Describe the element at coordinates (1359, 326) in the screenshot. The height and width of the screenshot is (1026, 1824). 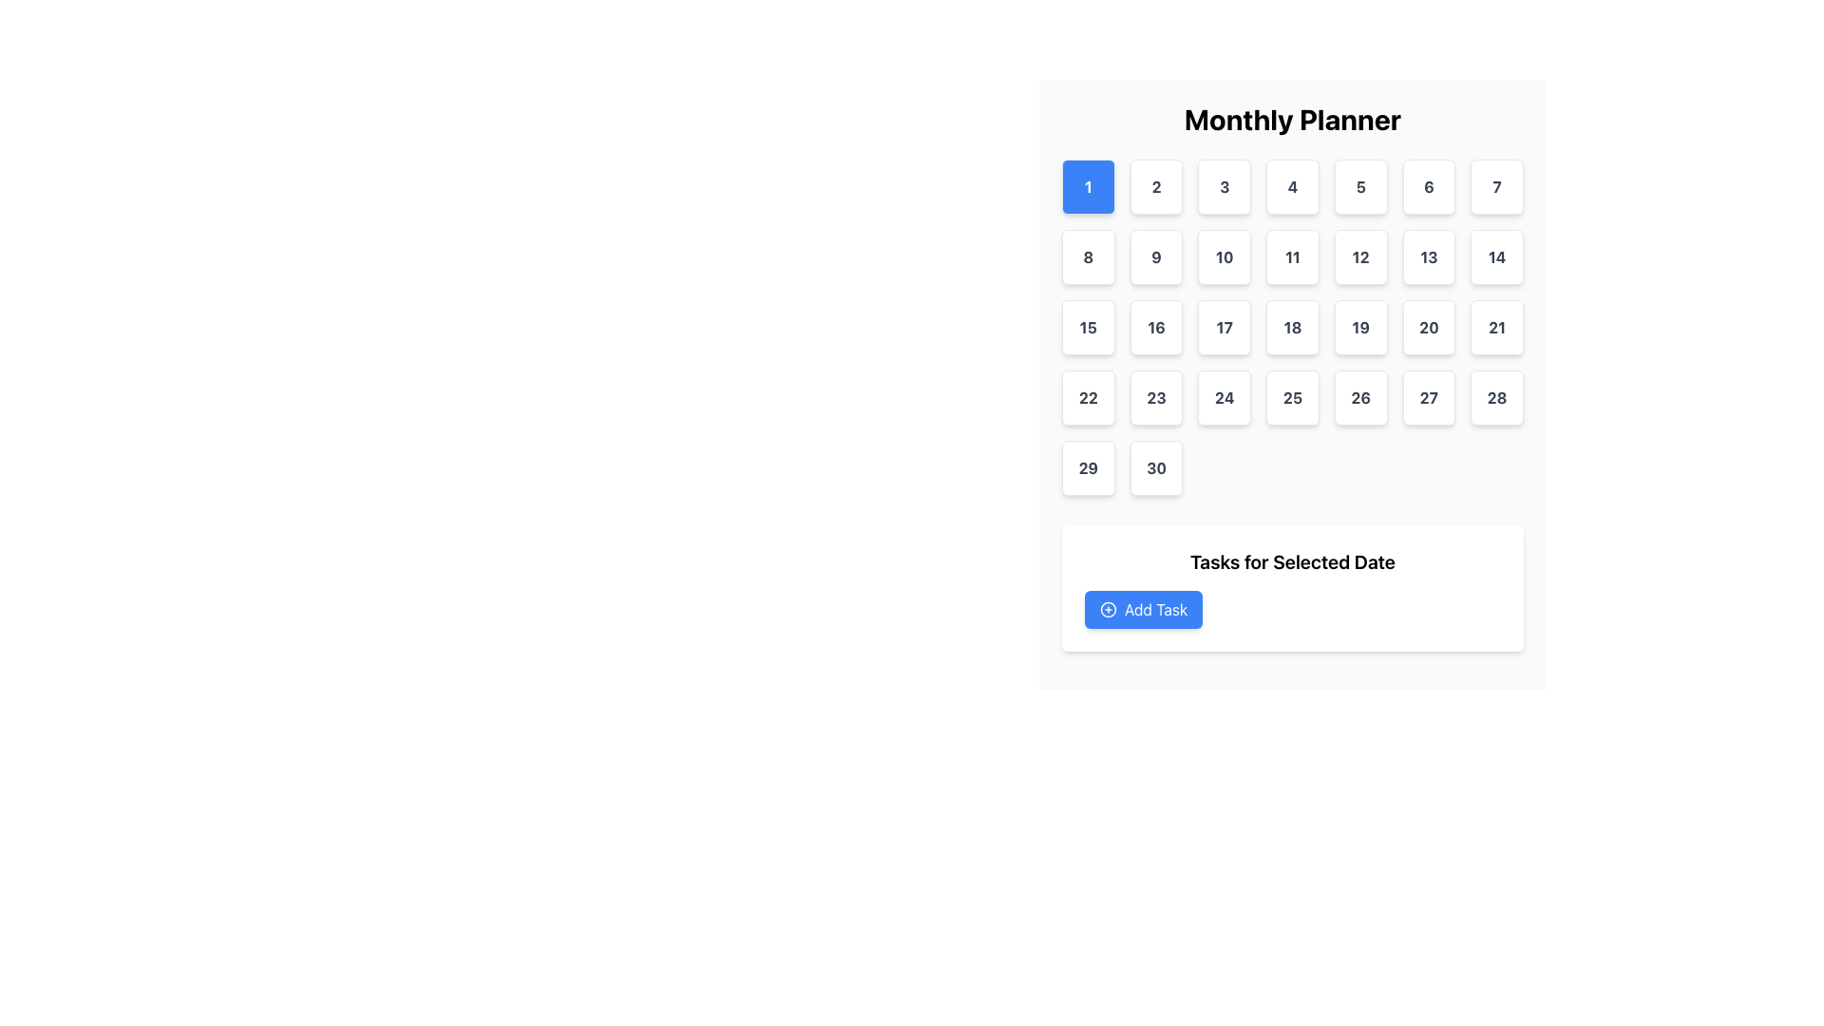
I see `the button displaying the number '19' with a white background and bold gray text located in the sixth row and third column of the grid` at that location.